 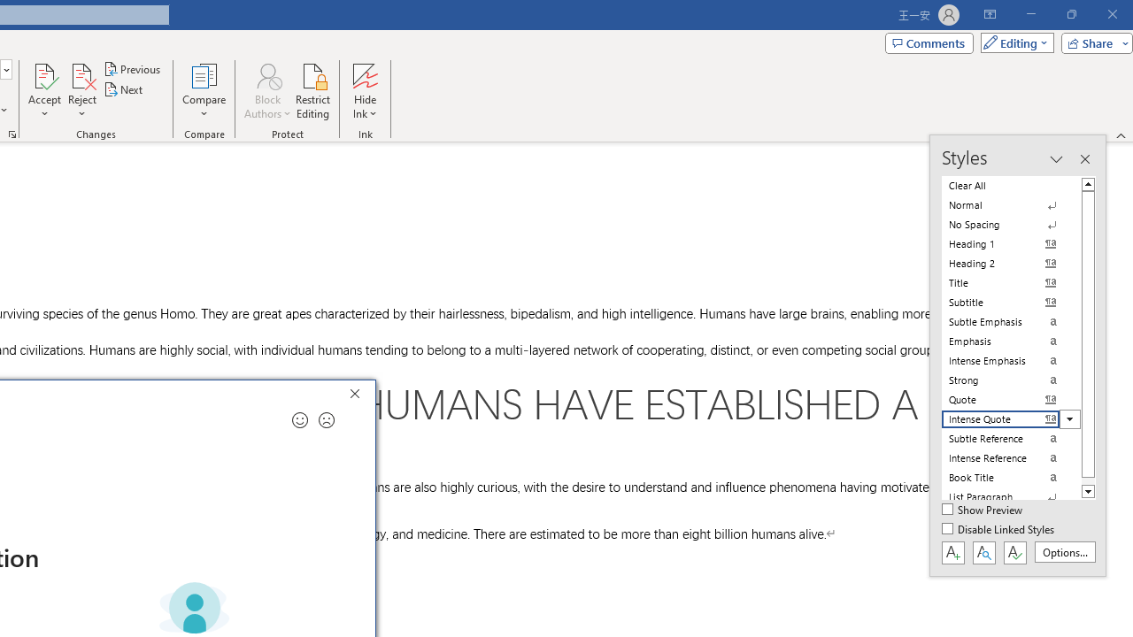 What do you see at coordinates (1011, 321) in the screenshot?
I see `'Subtle Emphasis'` at bounding box center [1011, 321].